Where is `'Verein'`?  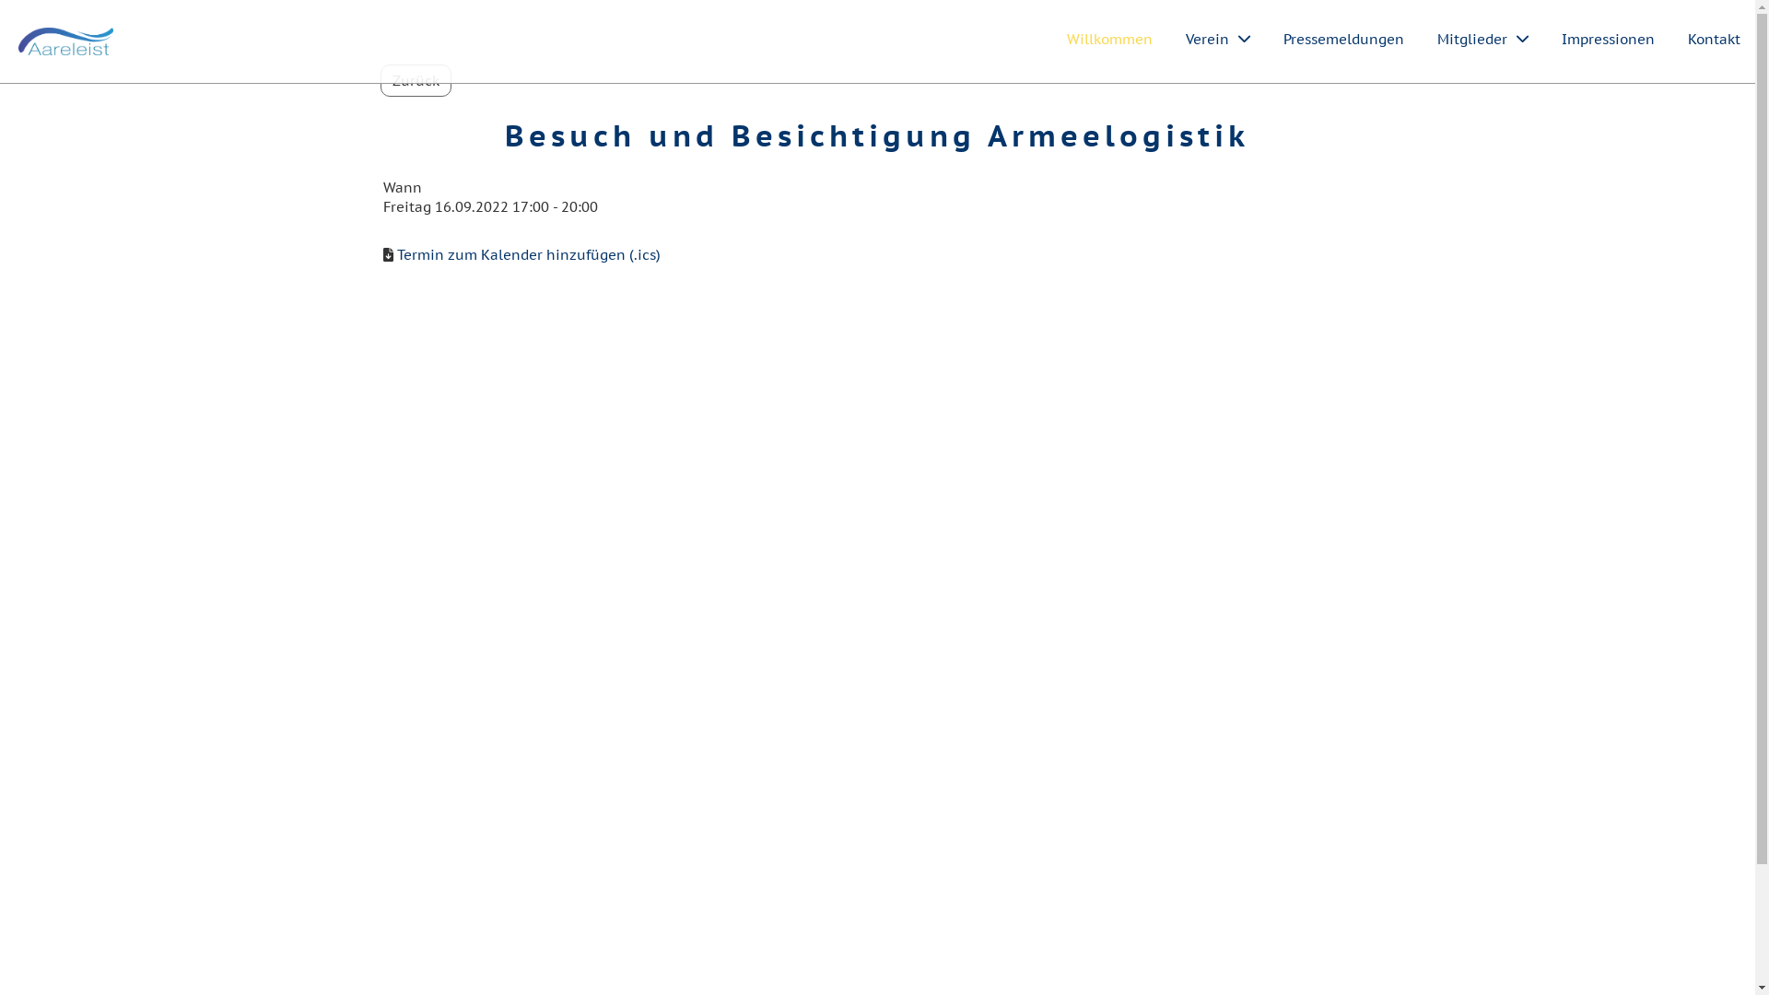
'Verein' is located at coordinates (1217, 39).